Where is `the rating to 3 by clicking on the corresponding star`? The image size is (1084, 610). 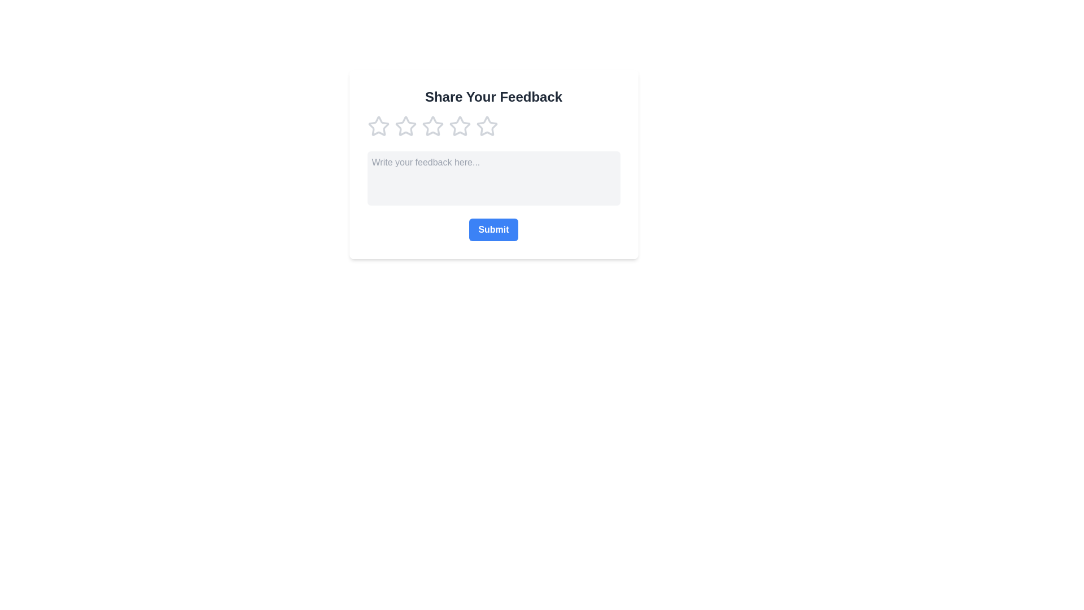 the rating to 3 by clicking on the corresponding star is located at coordinates (432, 126).